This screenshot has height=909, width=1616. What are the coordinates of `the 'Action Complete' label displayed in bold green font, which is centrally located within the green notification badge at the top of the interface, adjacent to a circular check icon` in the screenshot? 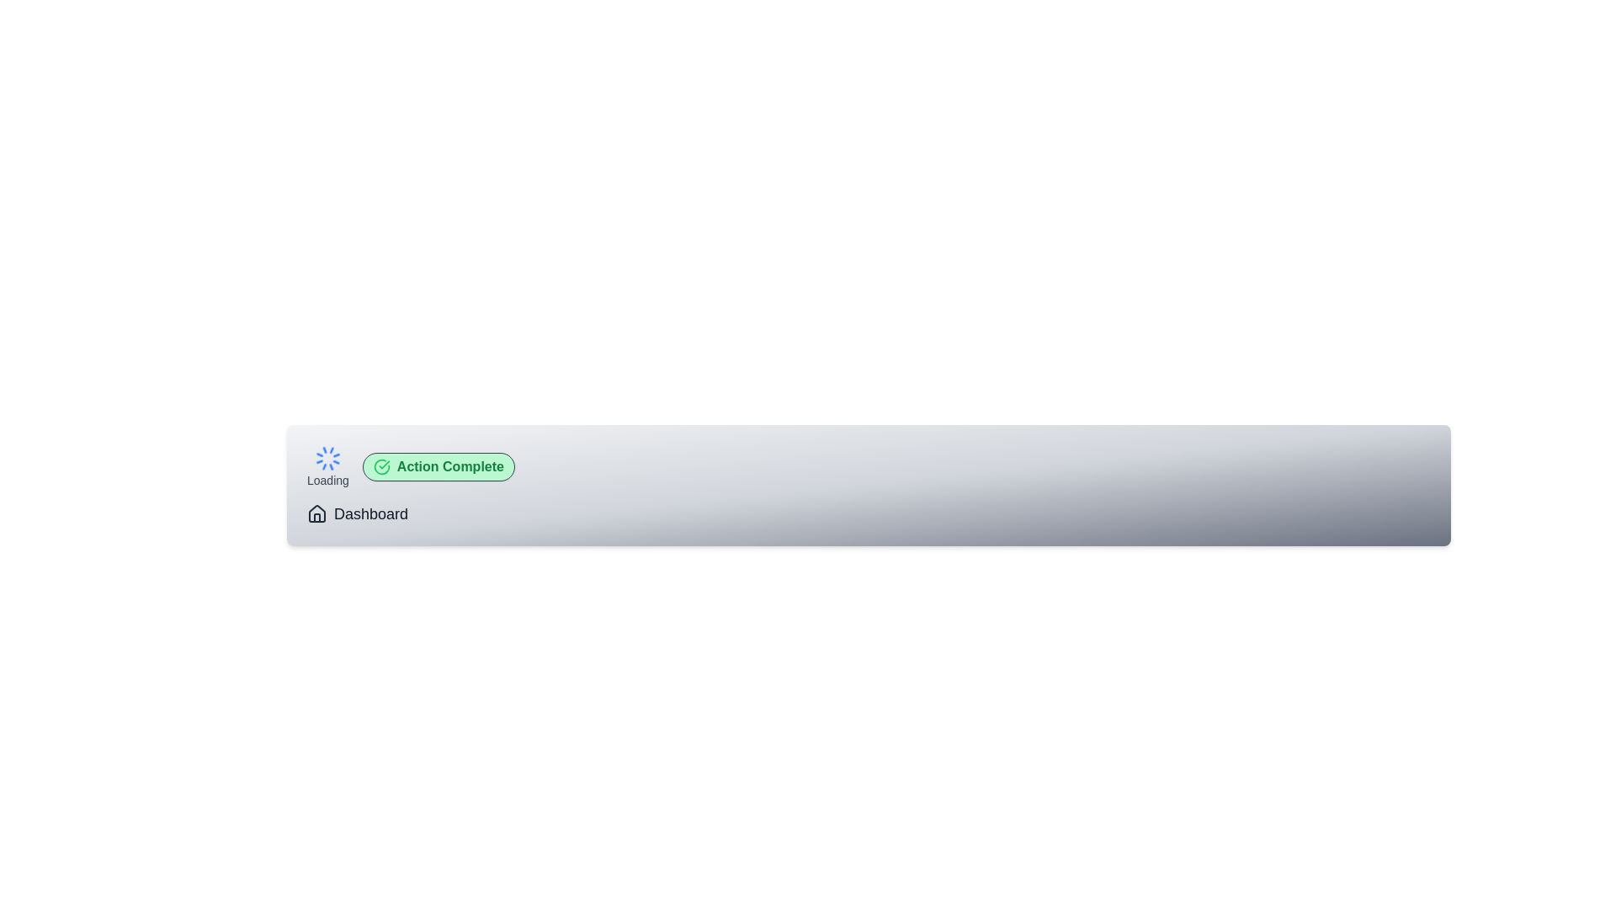 It's located at (450, 467).